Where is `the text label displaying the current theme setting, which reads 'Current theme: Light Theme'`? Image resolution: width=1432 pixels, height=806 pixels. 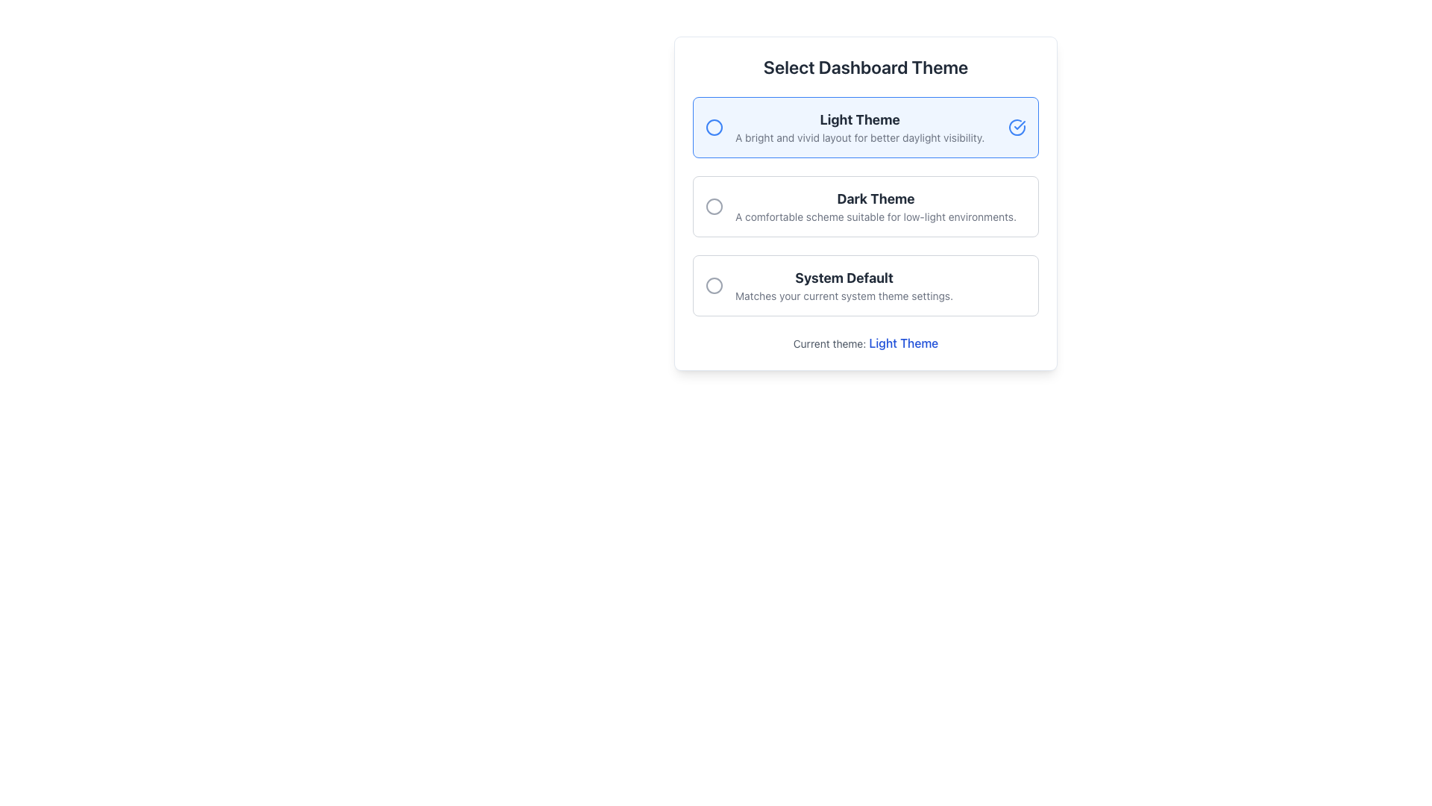 the text label displaying the current theme setting, which reads 'Current theme: Light Theme' is located at coordinates (902, 343).